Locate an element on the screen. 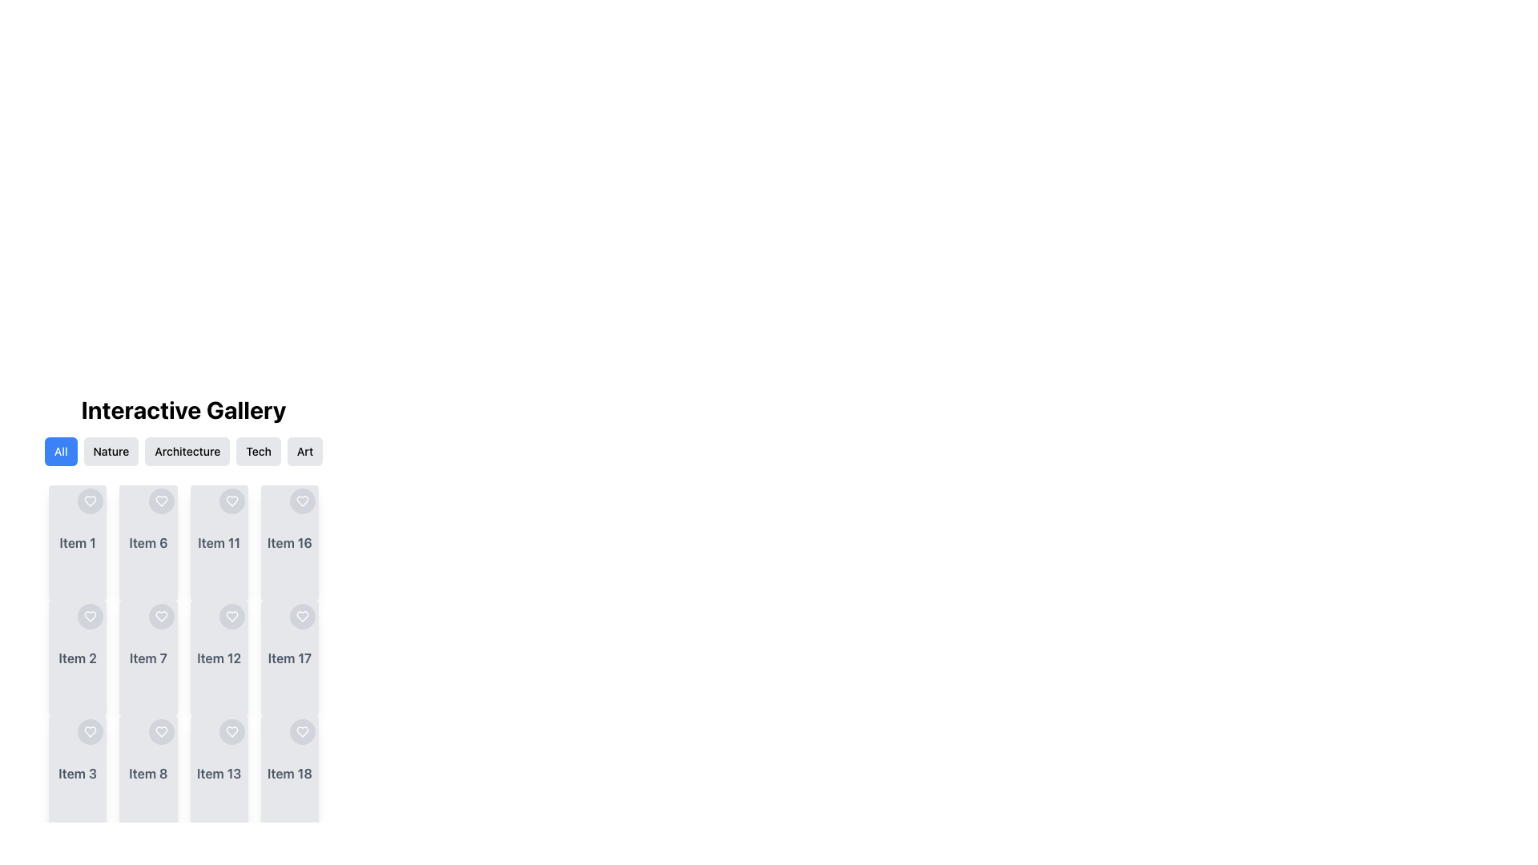 The width and height of the screenshot is (1538, 865). the 'Item 17' text label displayed in bold gray font, located in the fourth column, third row of the grid under 'Interactive Gallery' is located at coordinates (289, 658).